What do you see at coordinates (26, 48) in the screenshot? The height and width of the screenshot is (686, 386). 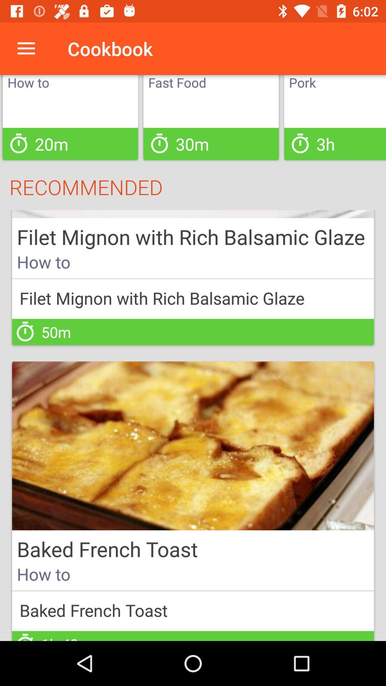 I see `icon to the left of cookbook item` at bounding box center [26, 48].